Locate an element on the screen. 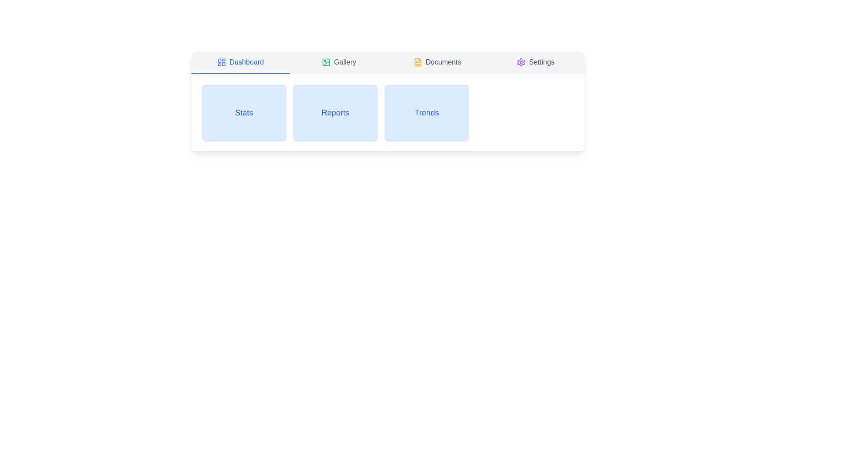 Image resolution: width=843 pixels, height=474 pixels. the text label displaying 'Gallery', located in the top navigation bar between 'Dashboard' and 'Documents' is located at coordinates (345, 62).